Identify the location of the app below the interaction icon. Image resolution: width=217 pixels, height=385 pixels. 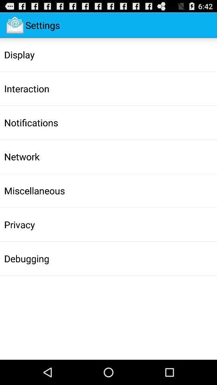
(31, 122).